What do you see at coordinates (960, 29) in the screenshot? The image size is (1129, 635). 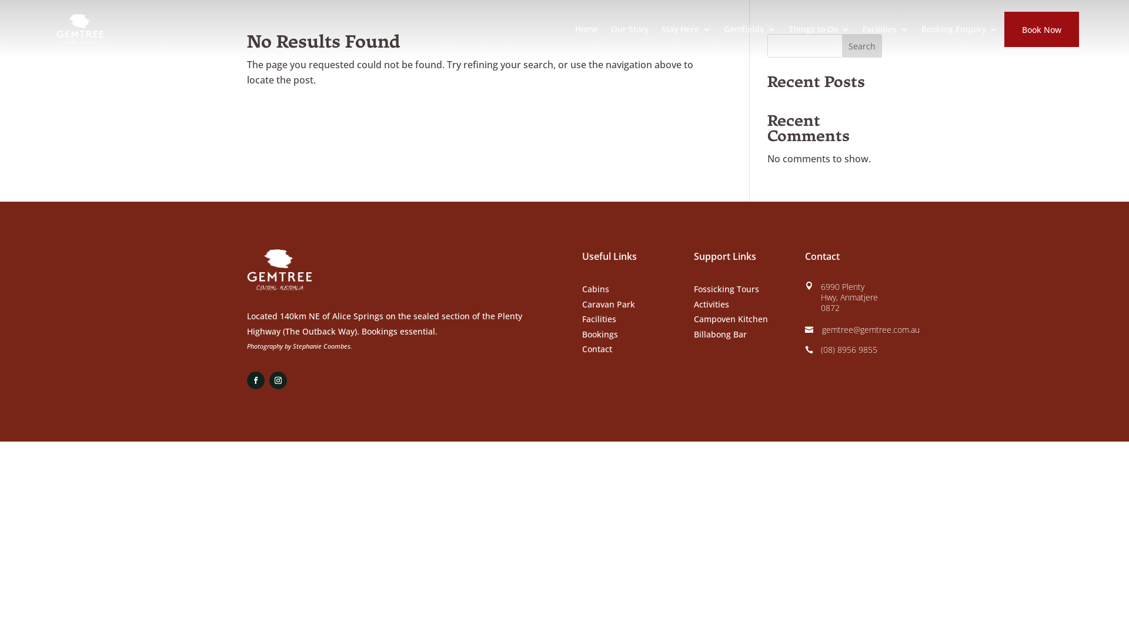 I see `'Booking Enquiry'` at bounding box center [960, 29].